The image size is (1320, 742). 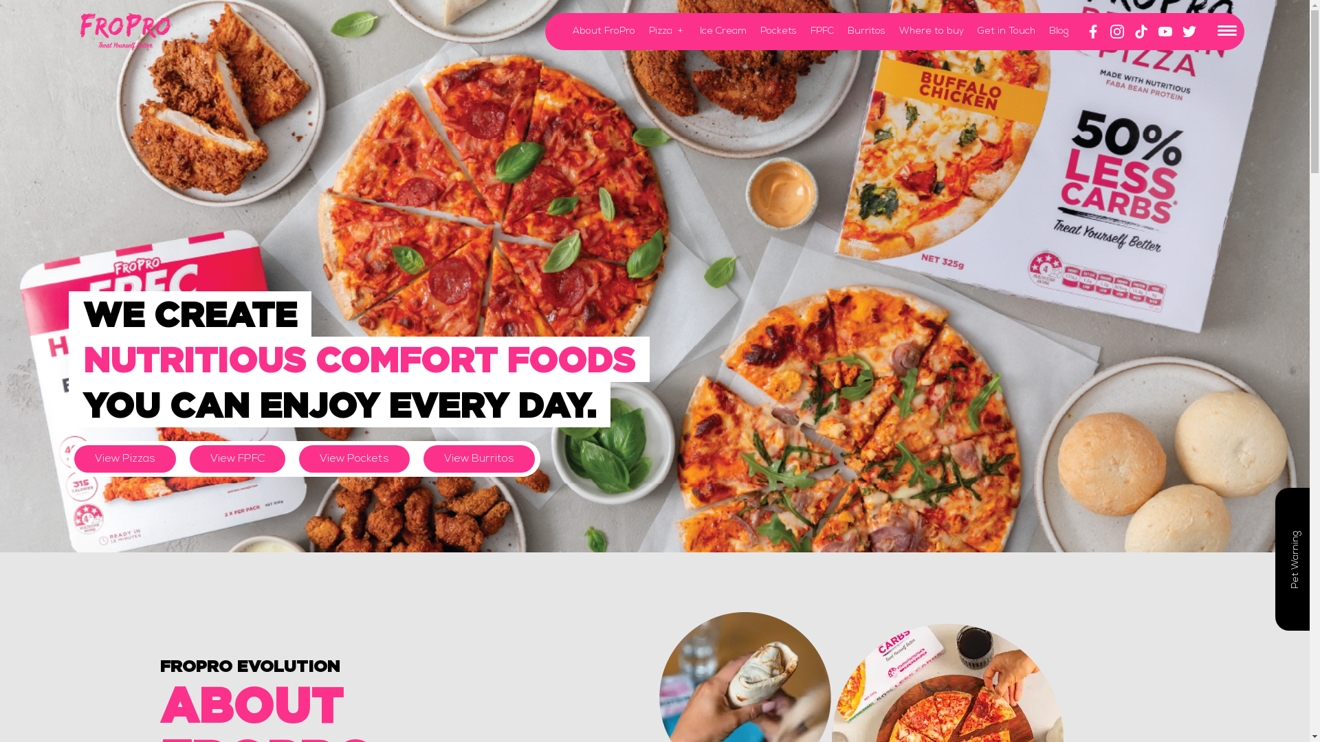 What do you see at coordinates (74, 458) in the screenshot?
I see `'View Pizzas'` at bounding box center [74, 458].